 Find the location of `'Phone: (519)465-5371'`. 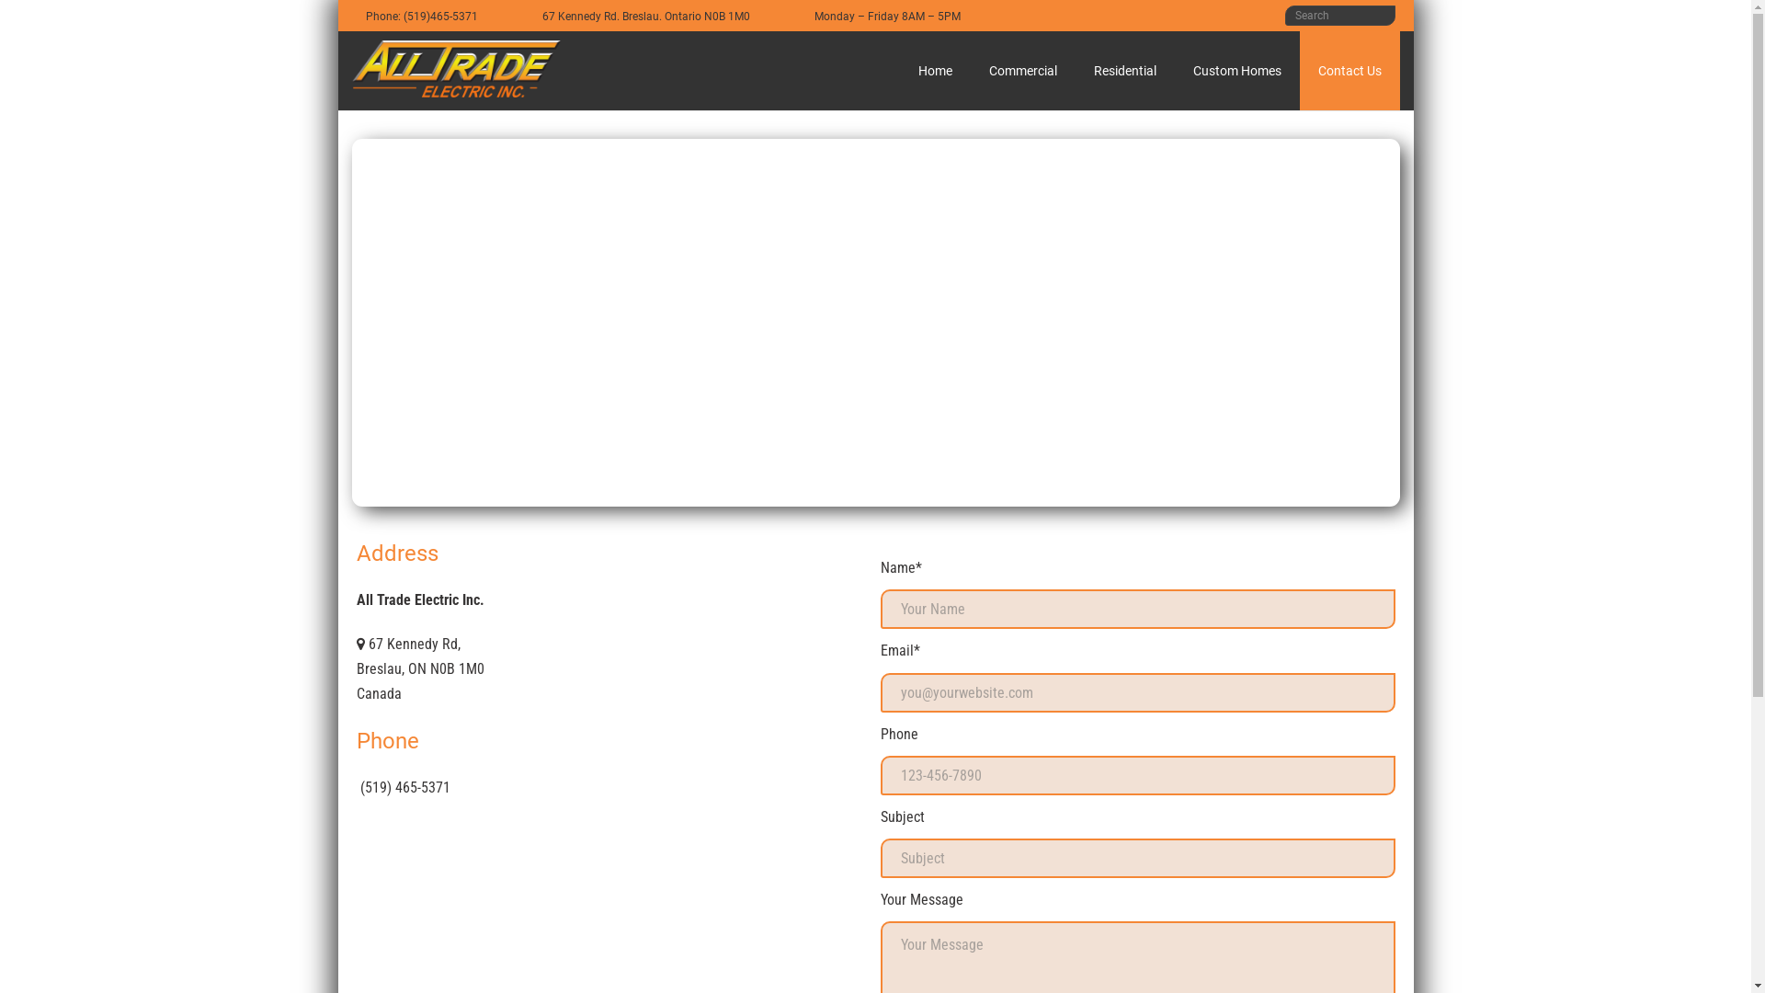

'Phone: (519)465-5371' is located at coordinates (419, 15).